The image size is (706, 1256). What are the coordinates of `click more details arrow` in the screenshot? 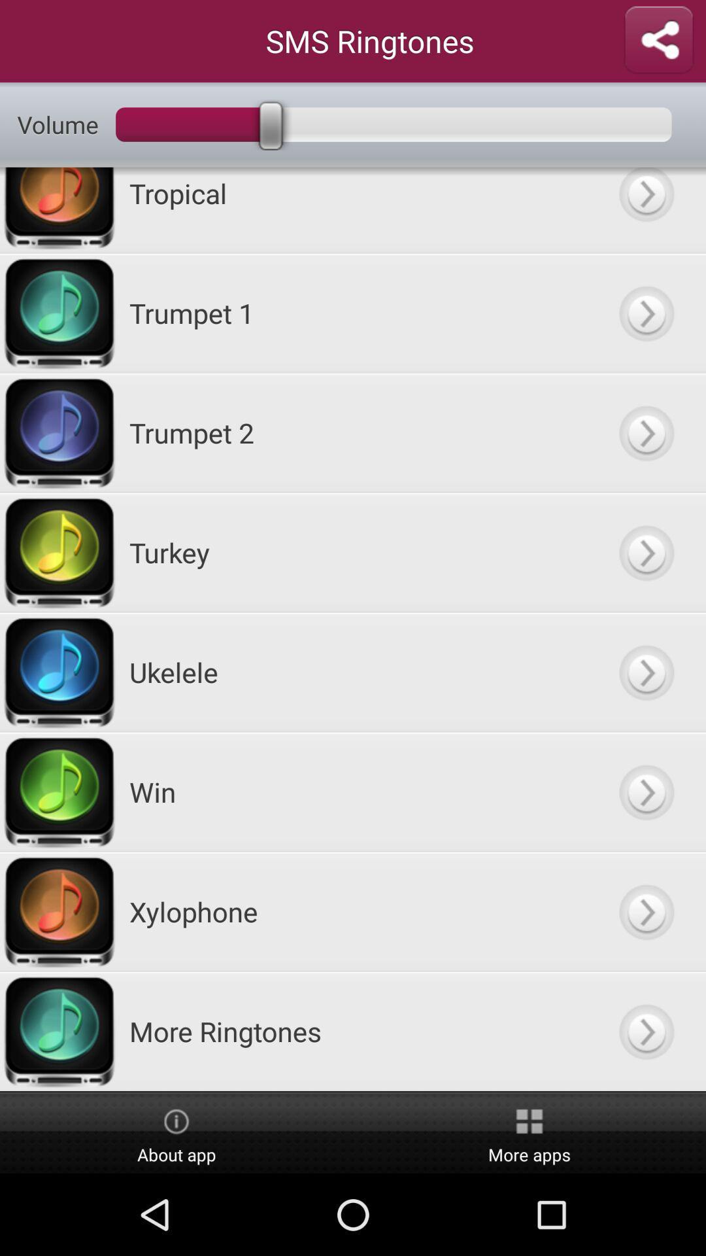 It's located at (645, 791).